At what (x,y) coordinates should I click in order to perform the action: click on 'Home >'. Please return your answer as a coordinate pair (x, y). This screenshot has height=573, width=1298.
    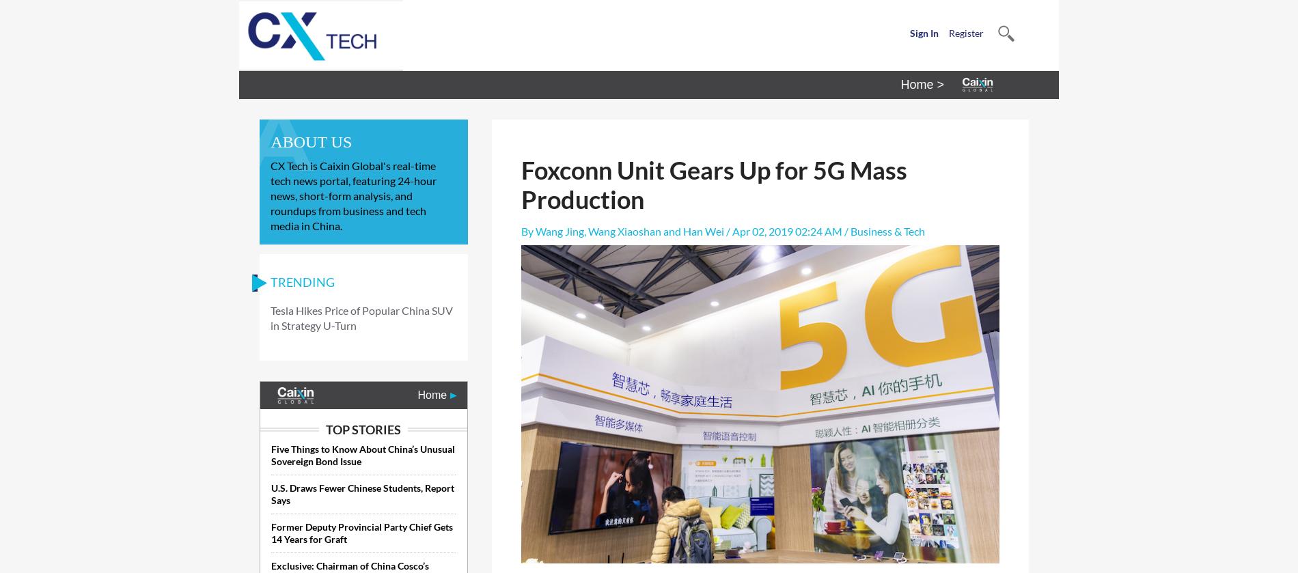
    Looking at the image, I should click on (900, 85).